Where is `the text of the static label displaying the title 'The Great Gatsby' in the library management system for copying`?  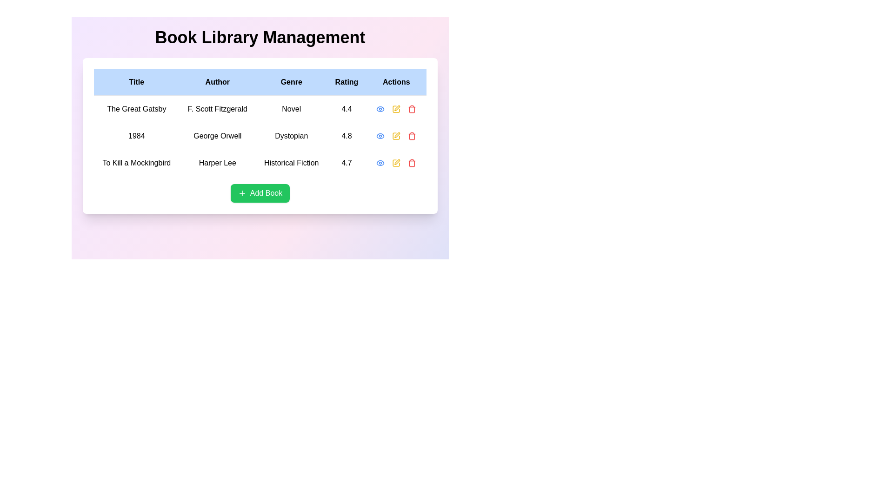
the text of the static label displaying the title 'The Great Gatsby' in the library management system for copying is located at coordinates (136, 108).